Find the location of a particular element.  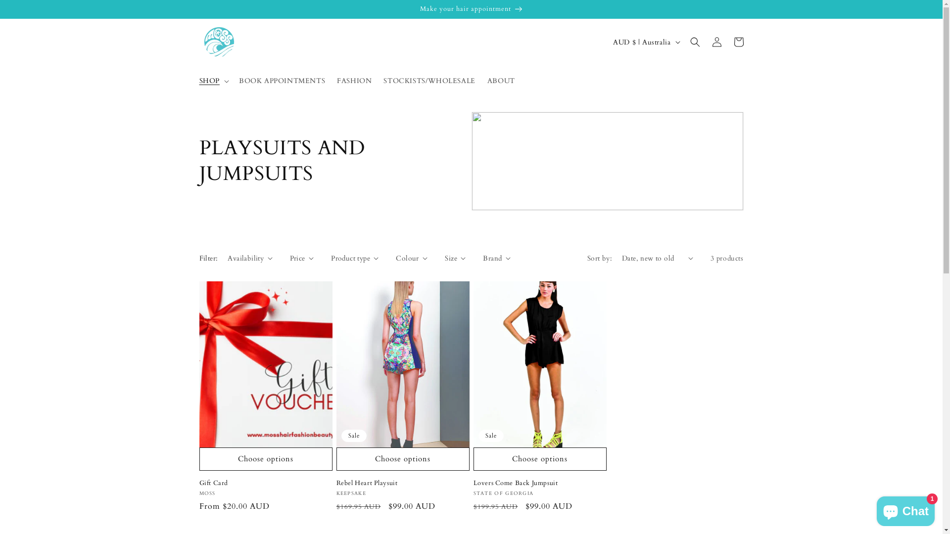

'BOOK APPOINTMENTS' is located at coordinates (232, 81).